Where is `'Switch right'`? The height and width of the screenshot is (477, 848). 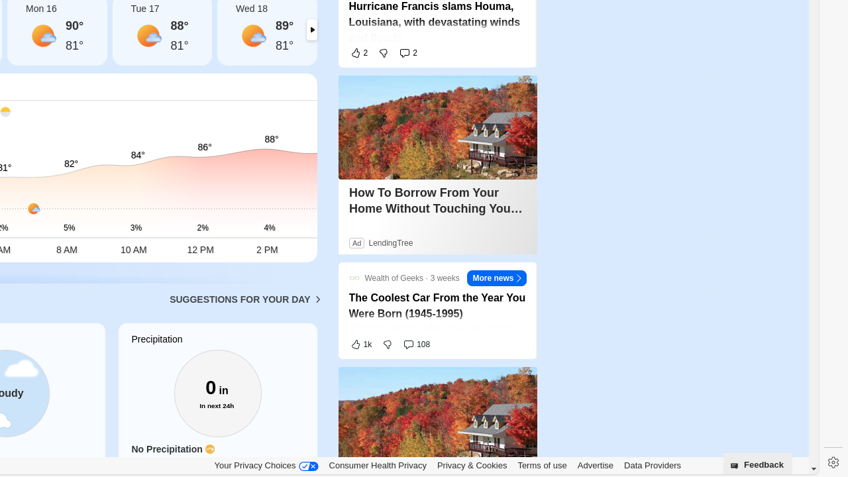
'Switch right' is located at coordinates (311, 30).